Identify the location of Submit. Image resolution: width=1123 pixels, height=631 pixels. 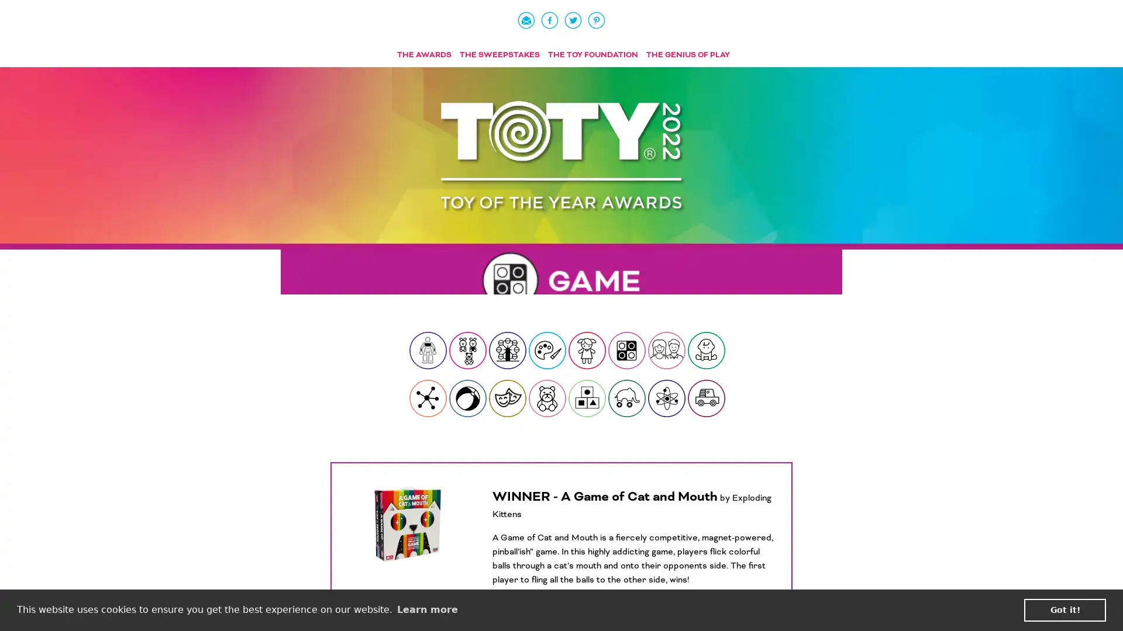
(626, 350).